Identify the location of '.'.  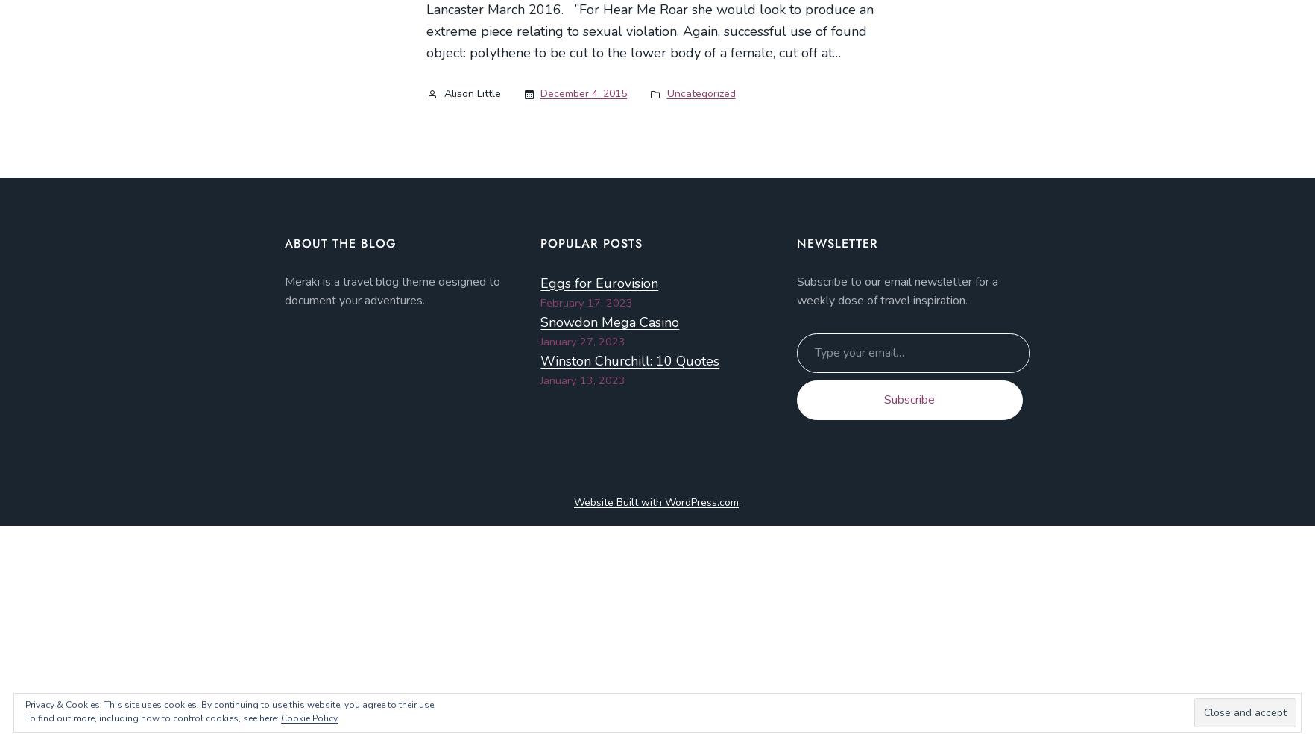
(740, 501).